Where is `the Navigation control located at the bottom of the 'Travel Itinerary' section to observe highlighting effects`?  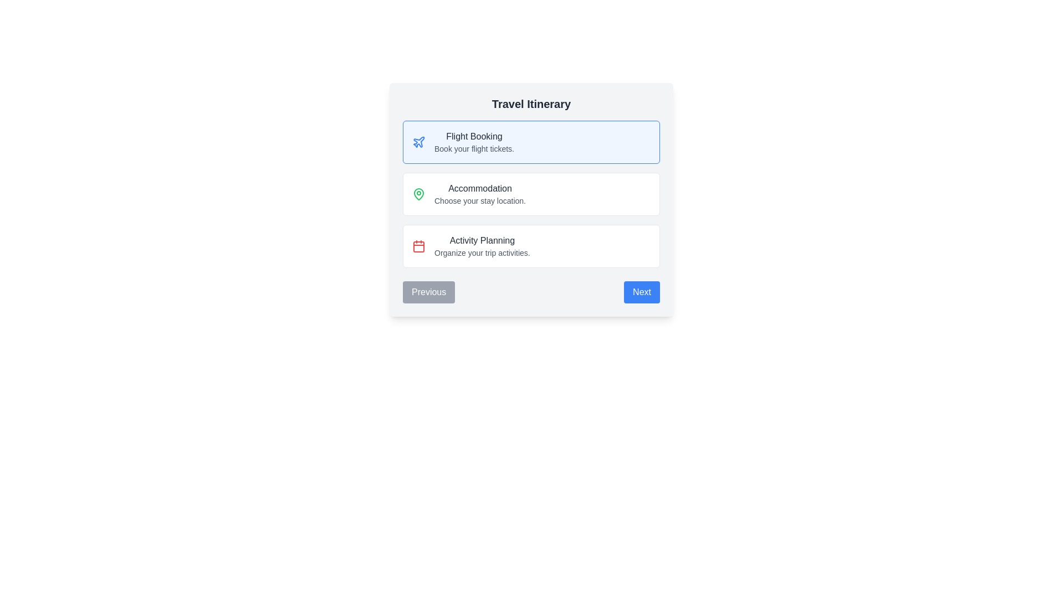
the Navigation control located at the bottom of the 'Travel Itinerary' section to observe highlighting effects is located at coordinates (531, 292).